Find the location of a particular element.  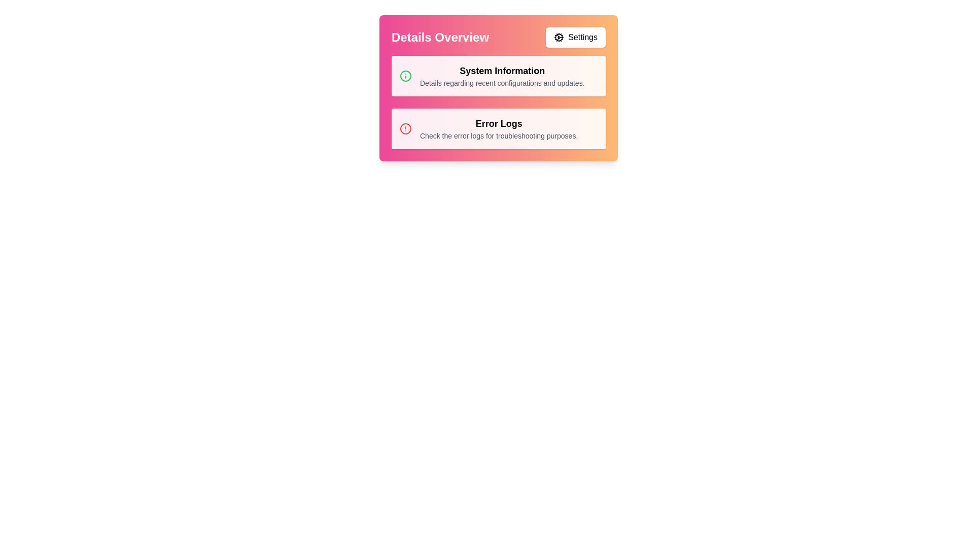

text label providing additional information related to the 'System Information' section, positioned beneath the 'System Information' heading is located at coordinates (502, 83).